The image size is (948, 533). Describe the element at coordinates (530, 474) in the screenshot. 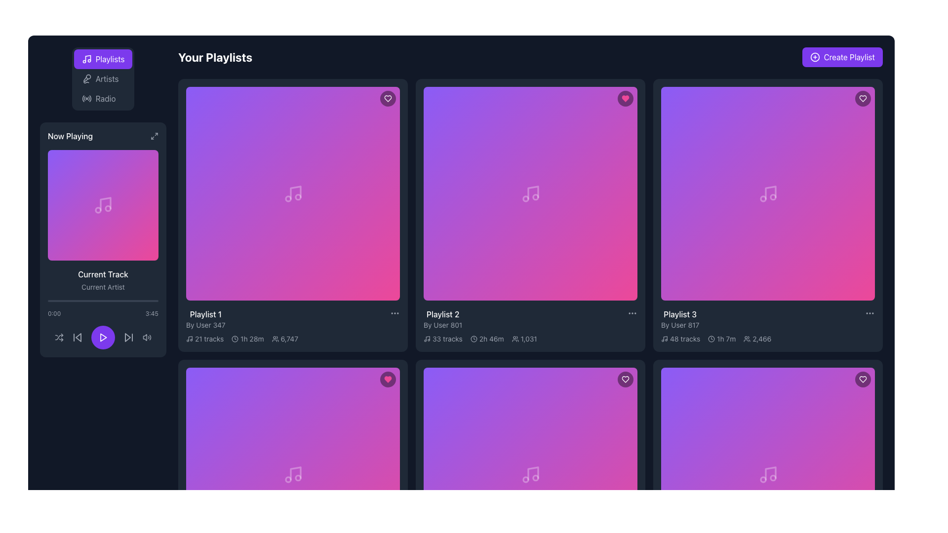

I see `the circular violet button with a play icon located at the center of the sixth playlist card to play the playlist` at that location.